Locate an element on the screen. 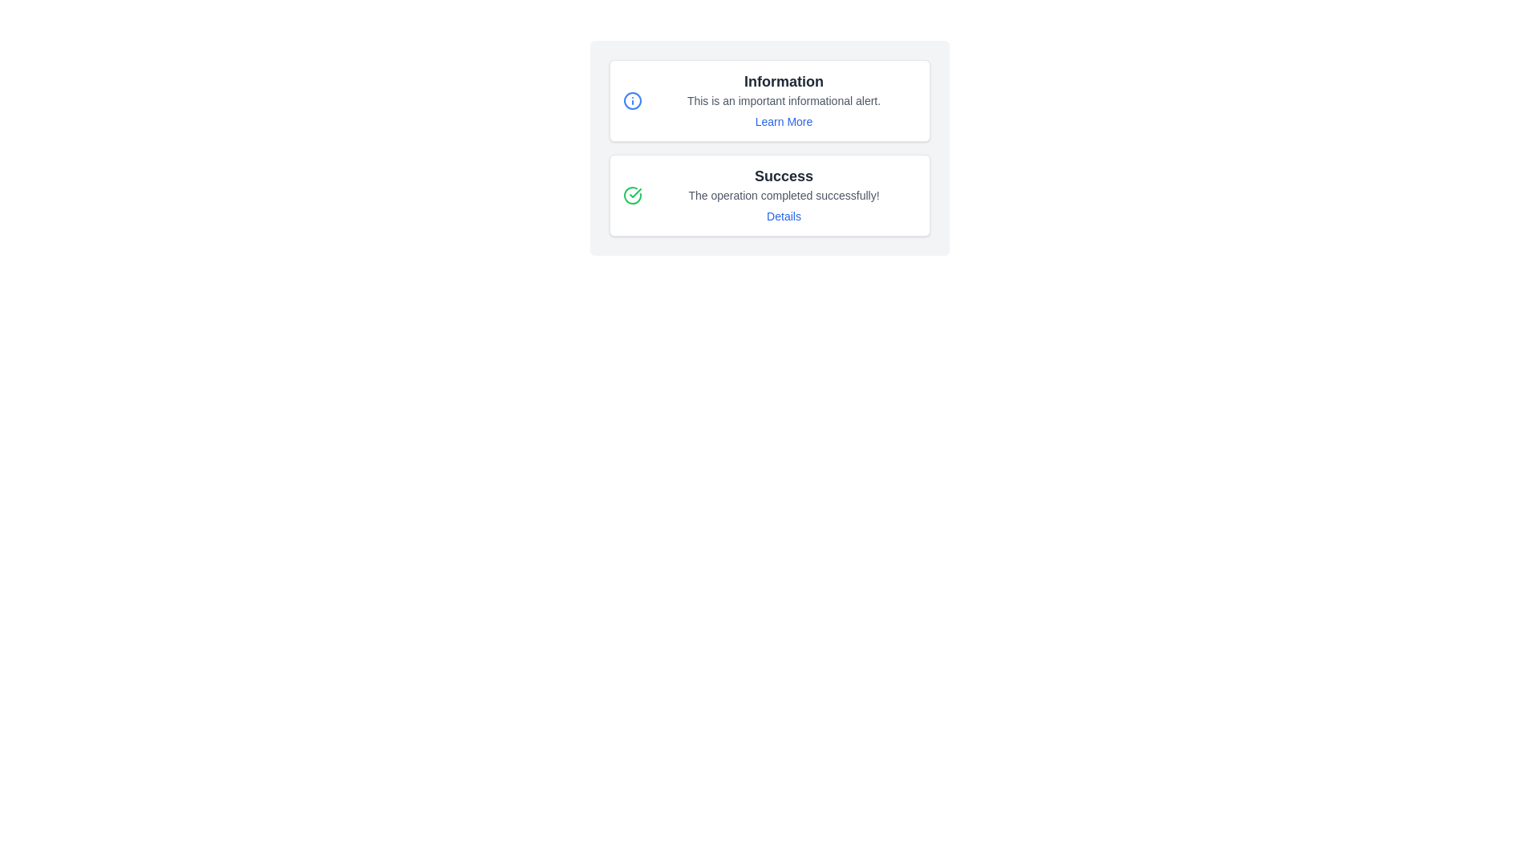 This screenshot has width=1540, height=866. informational alert text that says 'This is an important informational alert.' located below the 'Information' heading and above the 'Learn More' link is located at coordinates (784, 101).